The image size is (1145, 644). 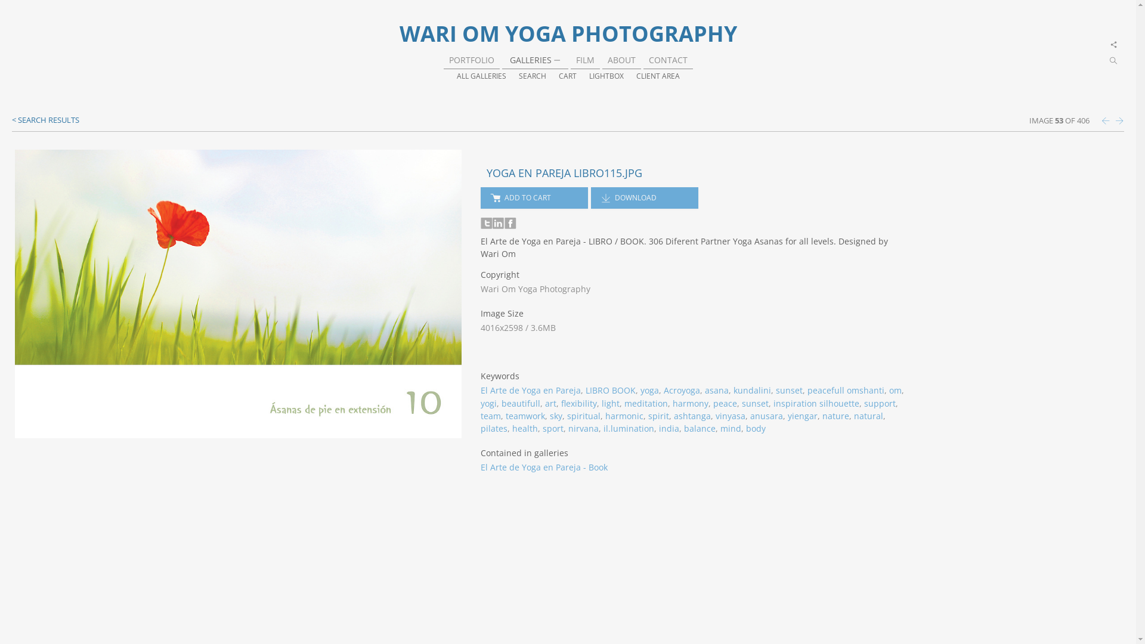 I want to click on 'il.lumination', so click(x=628, y=428).